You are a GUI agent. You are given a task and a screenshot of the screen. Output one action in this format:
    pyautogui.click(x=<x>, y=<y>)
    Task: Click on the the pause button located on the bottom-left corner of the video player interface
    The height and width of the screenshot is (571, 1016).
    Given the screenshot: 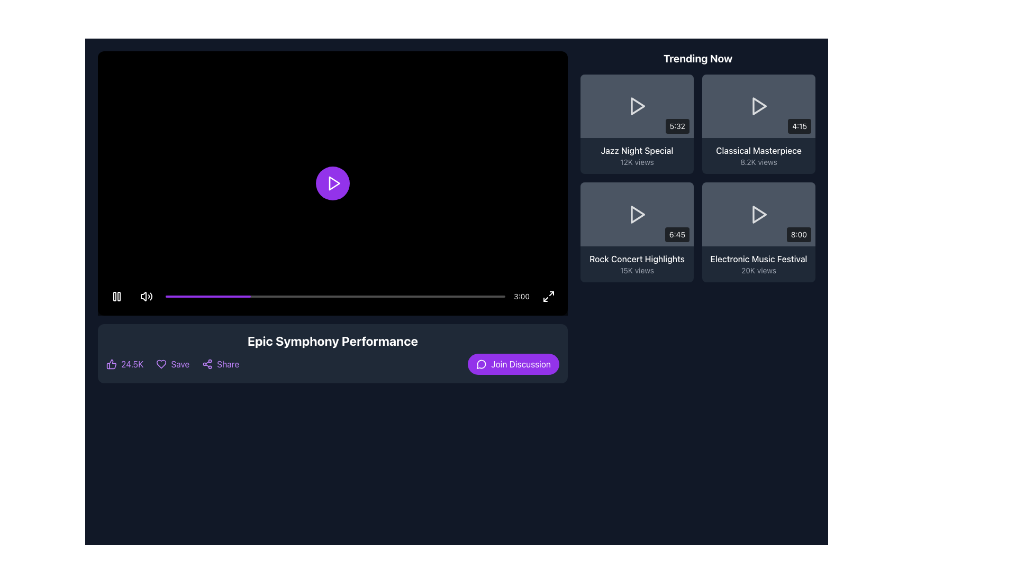 What is the action you would take?
    pyautogui.click(x=116, y=296)
    